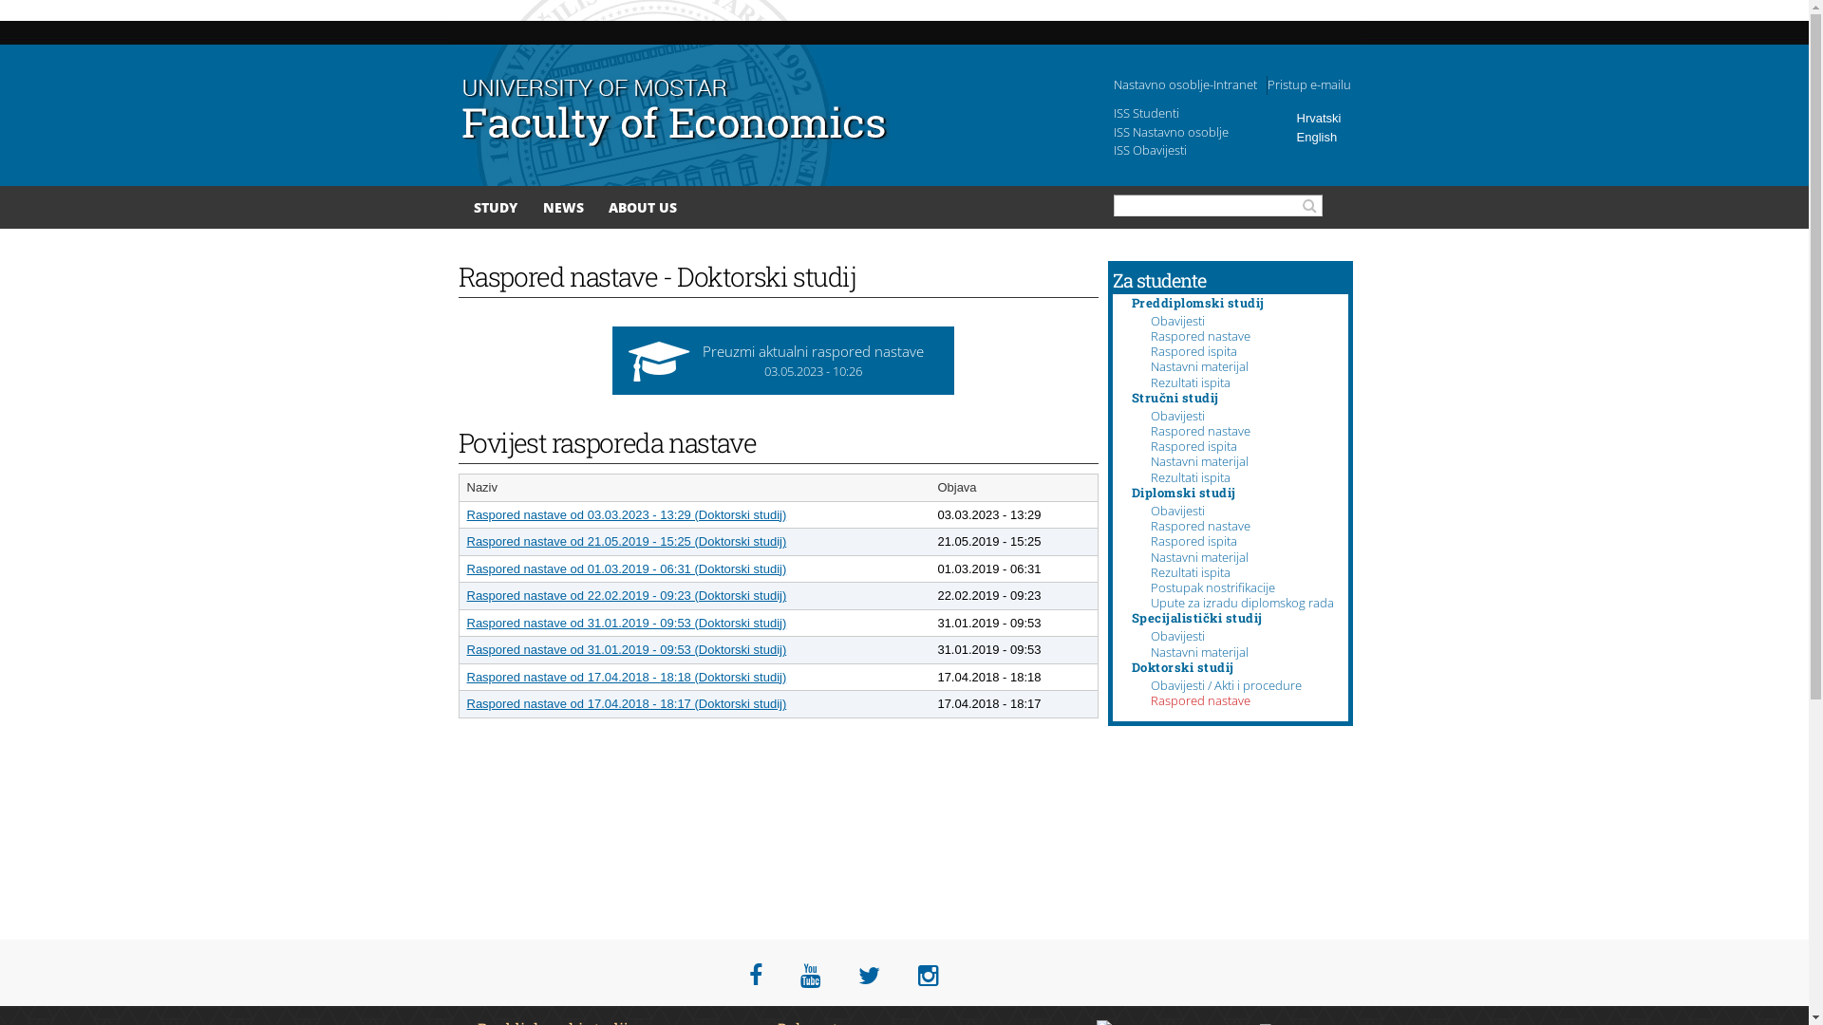 The image size is (1823, 1025). Describe the element at coordinates (1318, 118) in the screenshot. I see `'Hrvatski'` at that location.